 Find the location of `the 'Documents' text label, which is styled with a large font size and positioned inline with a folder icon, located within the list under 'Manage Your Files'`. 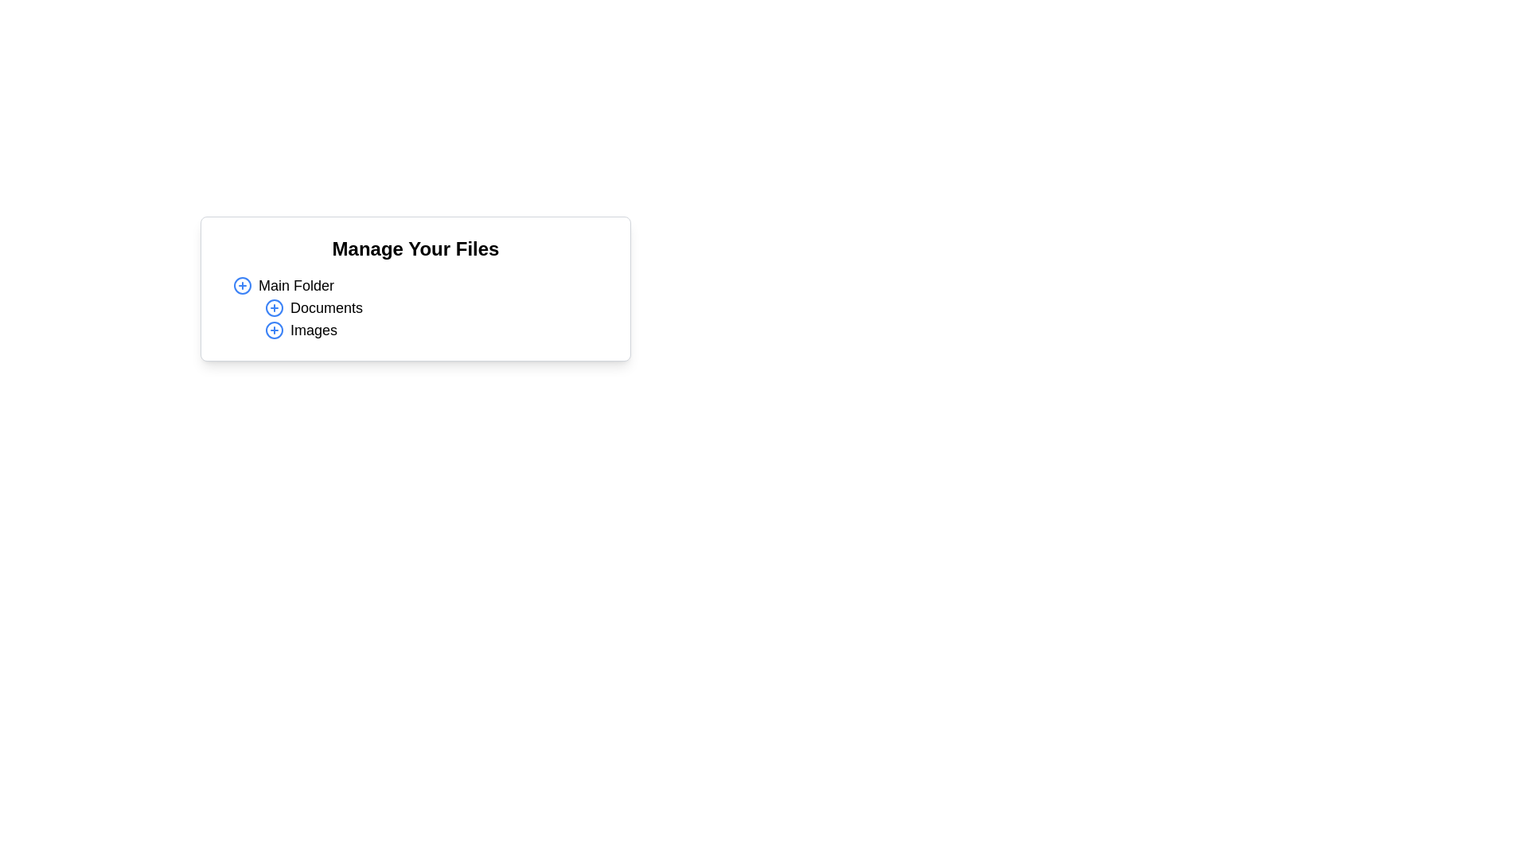

the 'Documents' text label, which is styled with a large font size and positioned inline with a folder icon, located within the list under 'Manage Your Files' is located at coordinates (325, 307).